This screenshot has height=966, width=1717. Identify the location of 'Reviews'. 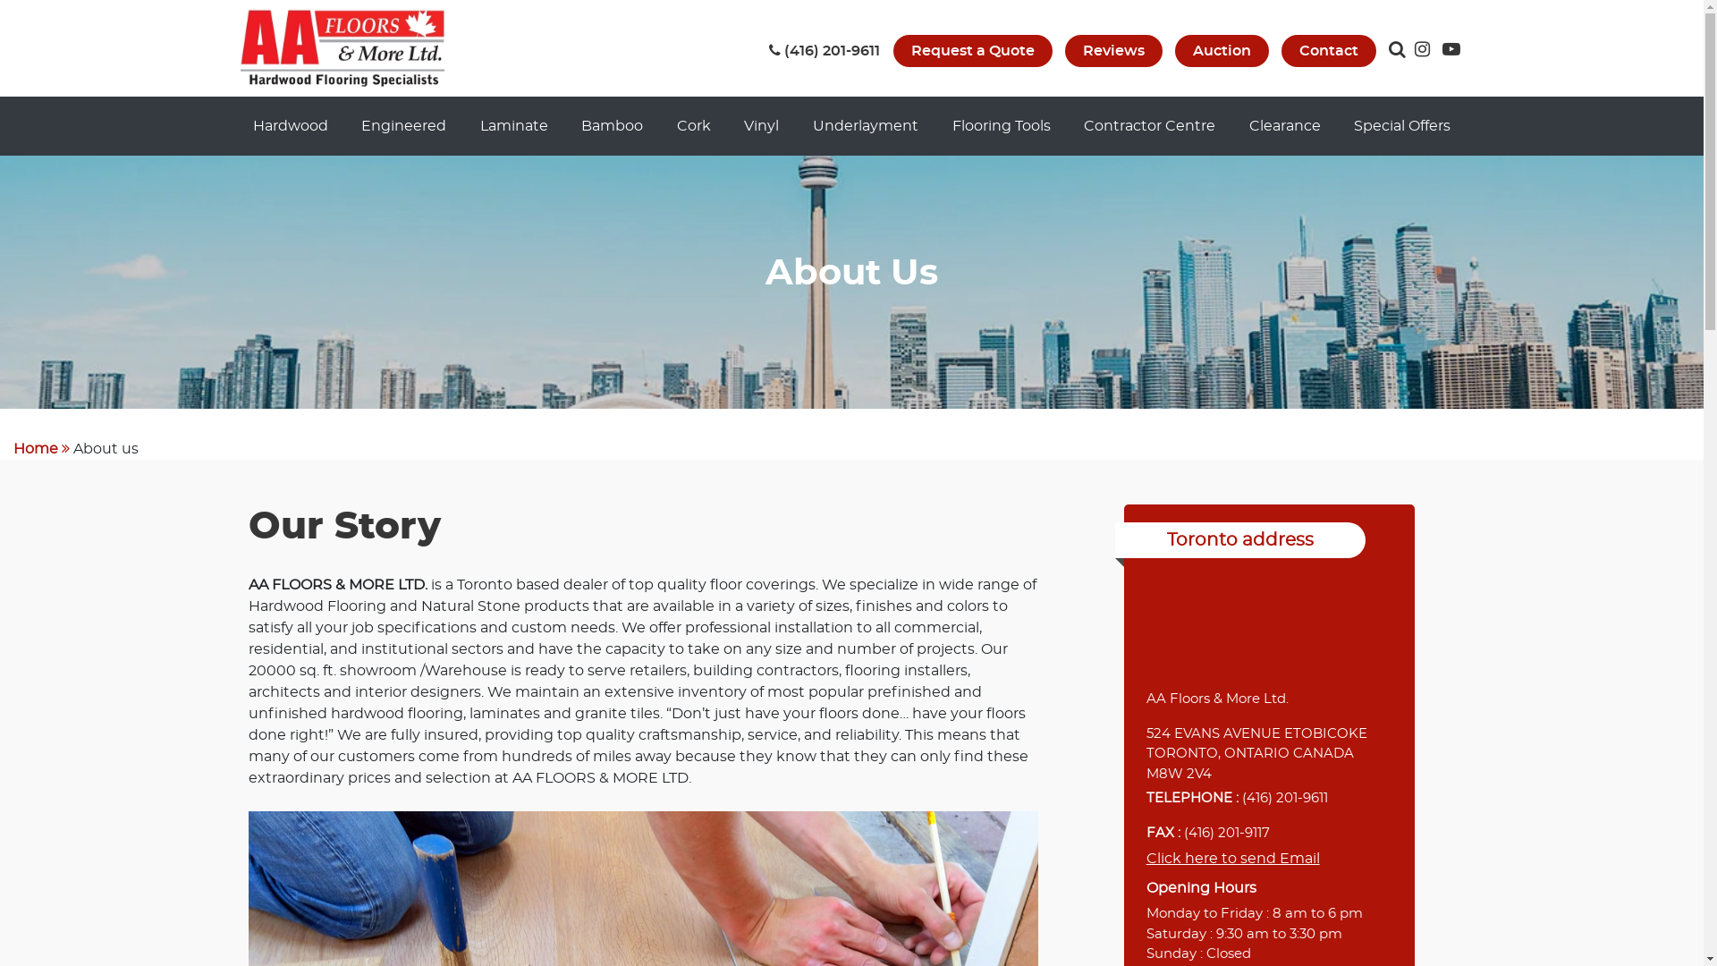
(1112, 50).